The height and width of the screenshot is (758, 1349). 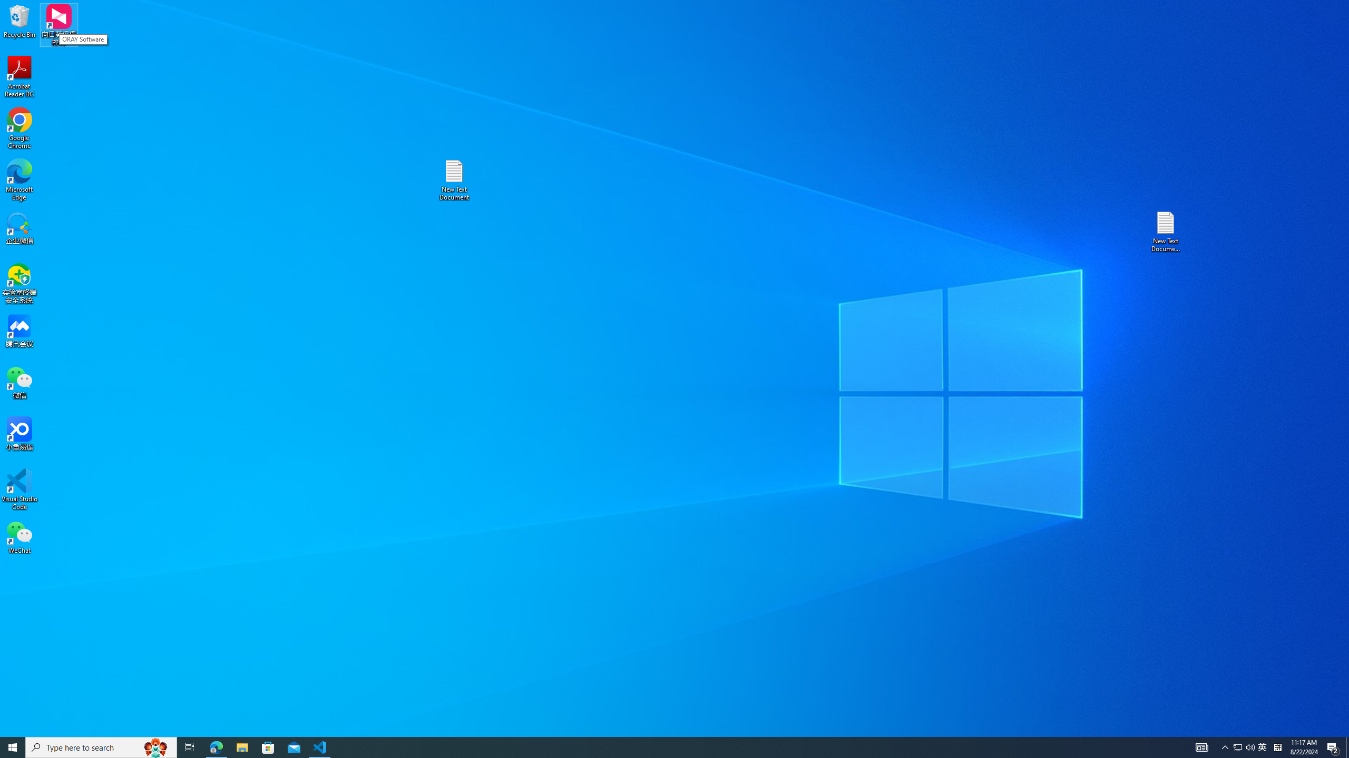 I want to click on 'Recycle Bin', so click(x=19, y=20).